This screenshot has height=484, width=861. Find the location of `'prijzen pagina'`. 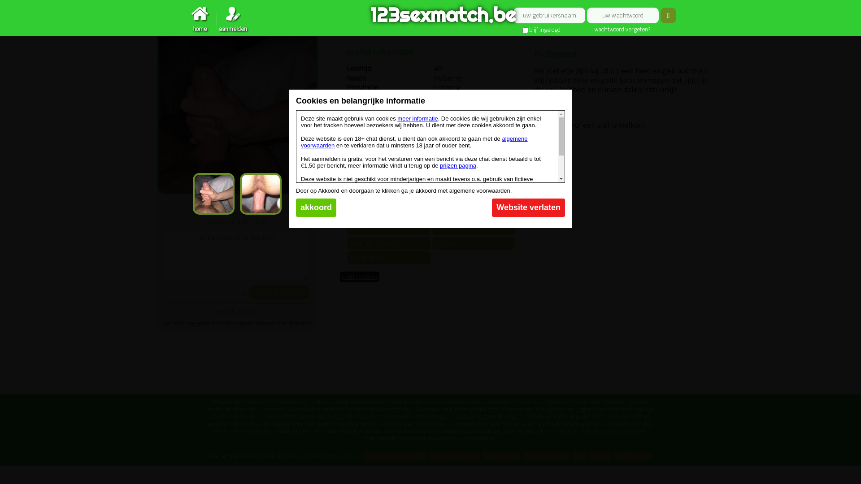

'prijzen pagina' is located at coordinates (458, 165).